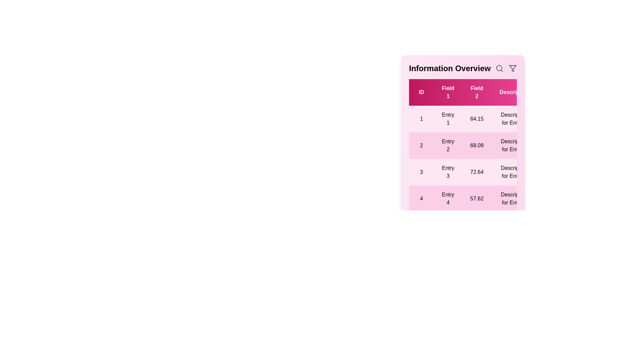 This screenshot has height=359, width=639. I want to click on the table header Field 1 to sort by that column, so click(448, 92).